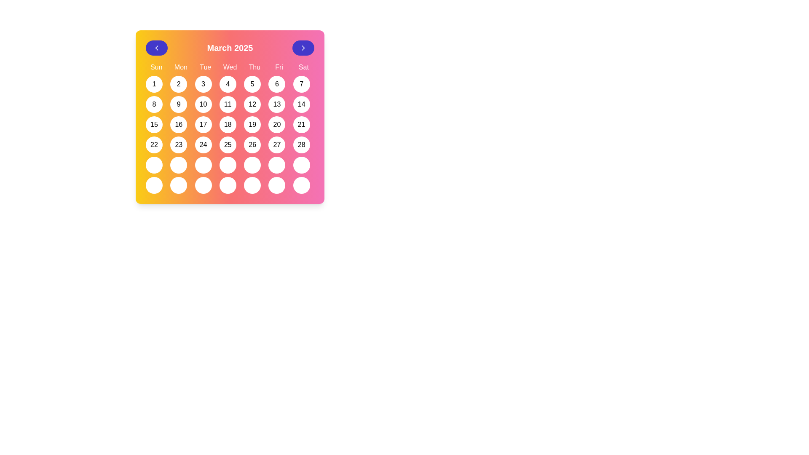 This screenshot has height=455, width=809. What do you see at coordinates (254, 67) in the screenshot?
I see `the static text label displaying 'Thu' in white font, which is the fifth header label in the first row of the calendar grid` at bounding box center [254, 67].